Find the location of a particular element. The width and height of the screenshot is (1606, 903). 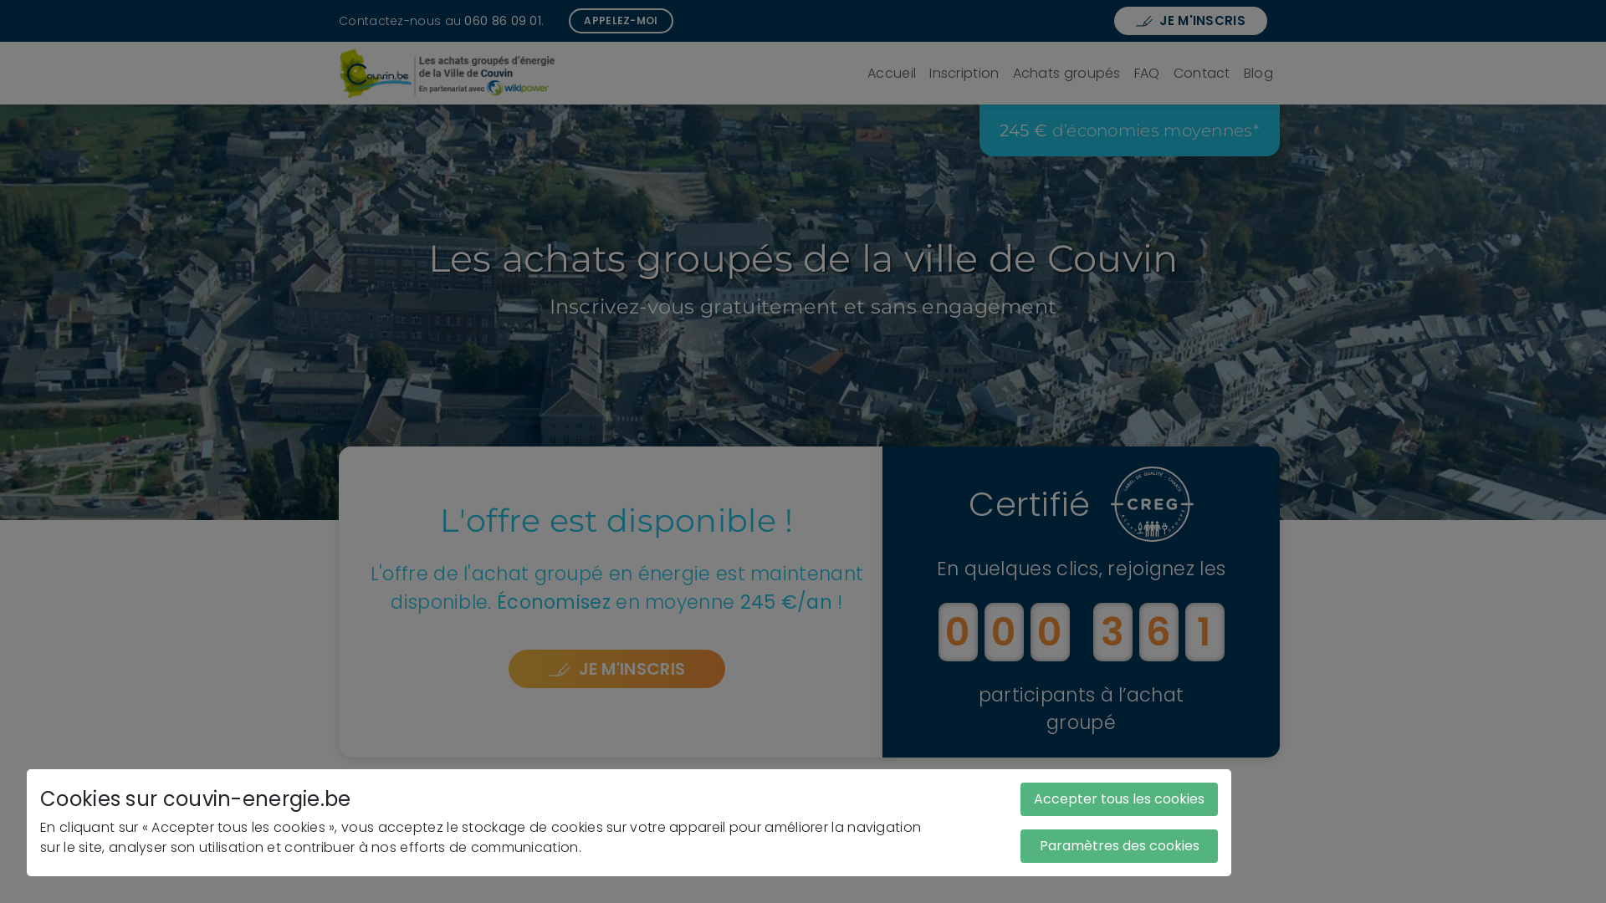

'060 86 09 01' is located at coordinates (501, 19).